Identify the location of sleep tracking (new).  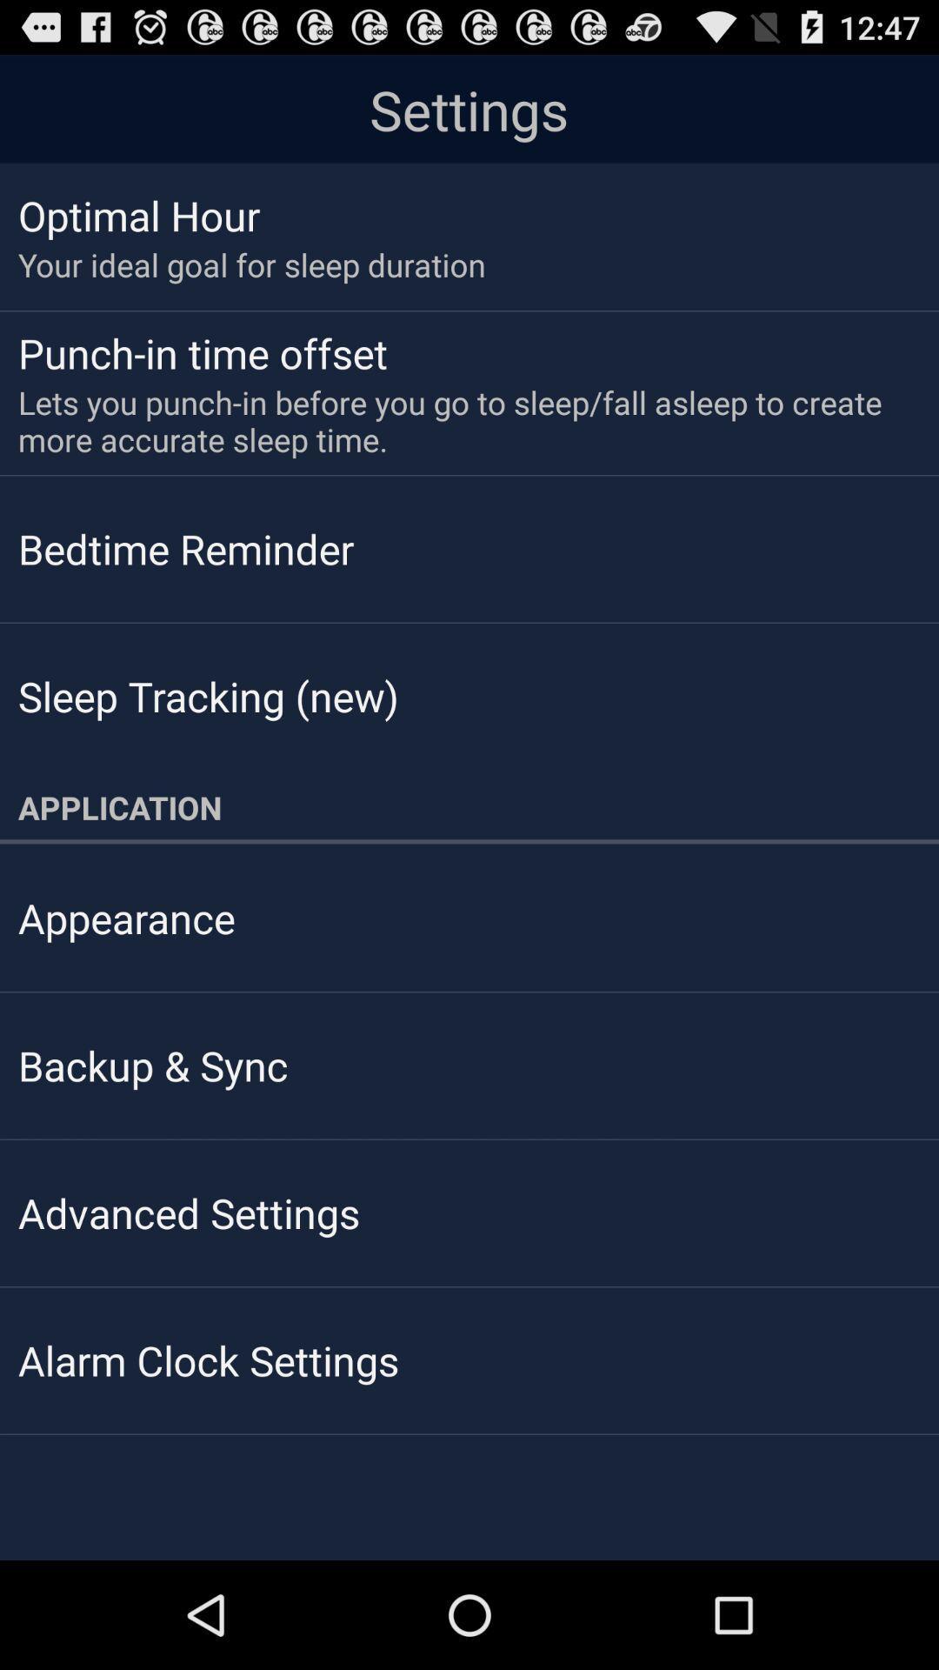
(207, 696).